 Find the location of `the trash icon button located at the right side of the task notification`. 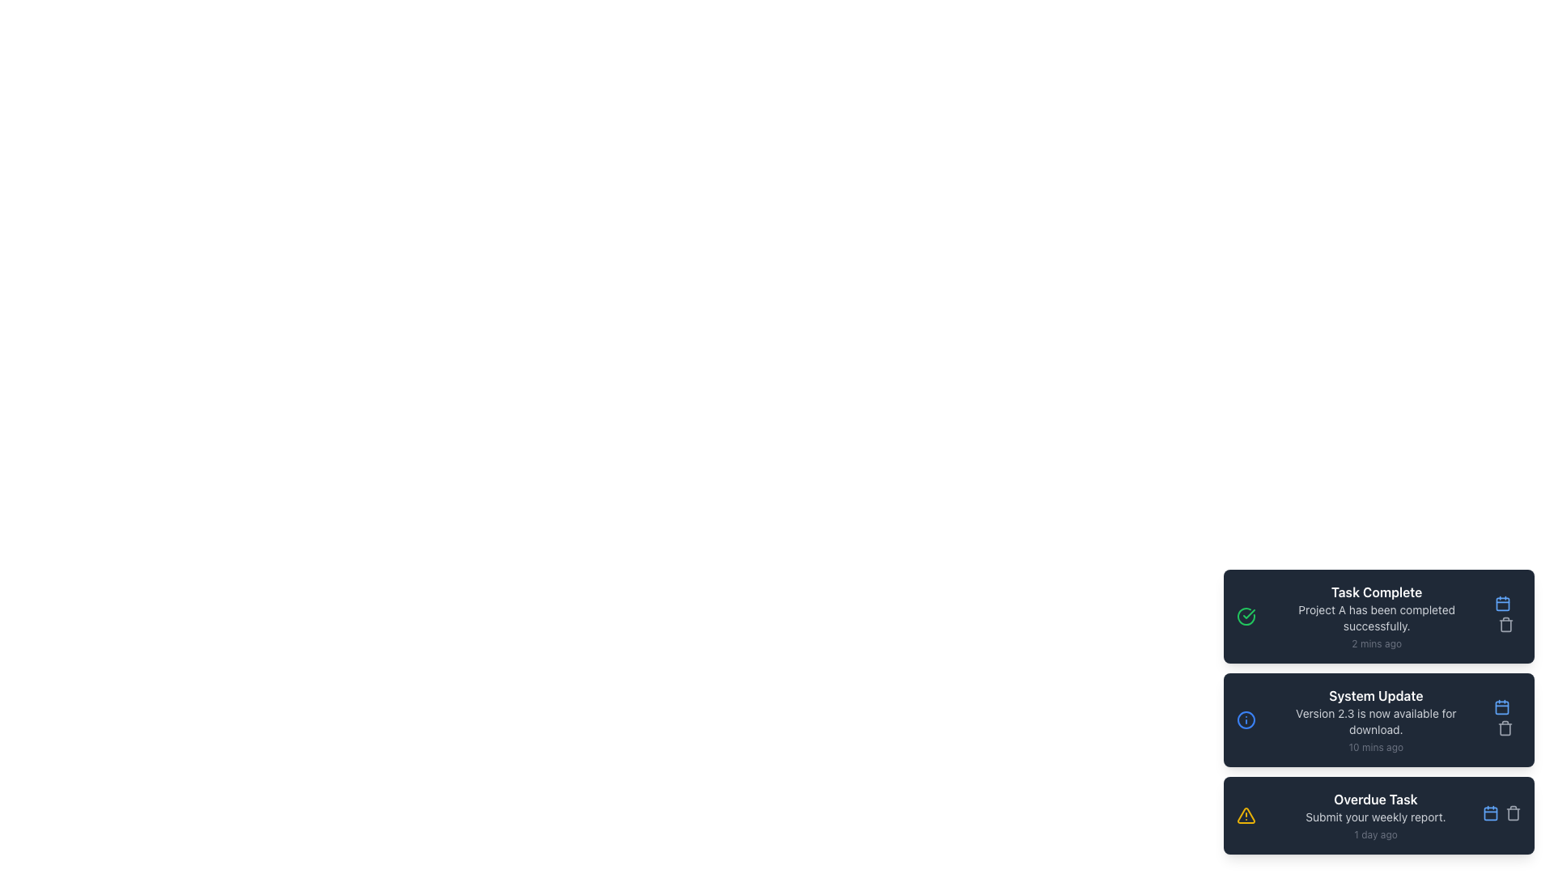

the trash icon button located at the right side of the task notification is located at coordinates (1505, 623).